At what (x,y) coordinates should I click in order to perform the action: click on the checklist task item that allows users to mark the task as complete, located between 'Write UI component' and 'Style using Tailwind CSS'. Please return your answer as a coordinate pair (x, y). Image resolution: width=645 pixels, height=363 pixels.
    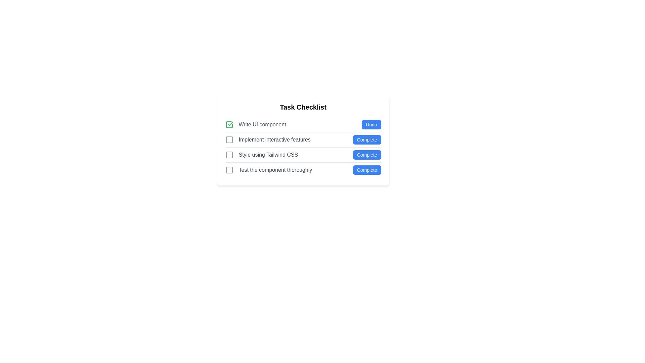
    Looking at the image, I should click on (303, 139).